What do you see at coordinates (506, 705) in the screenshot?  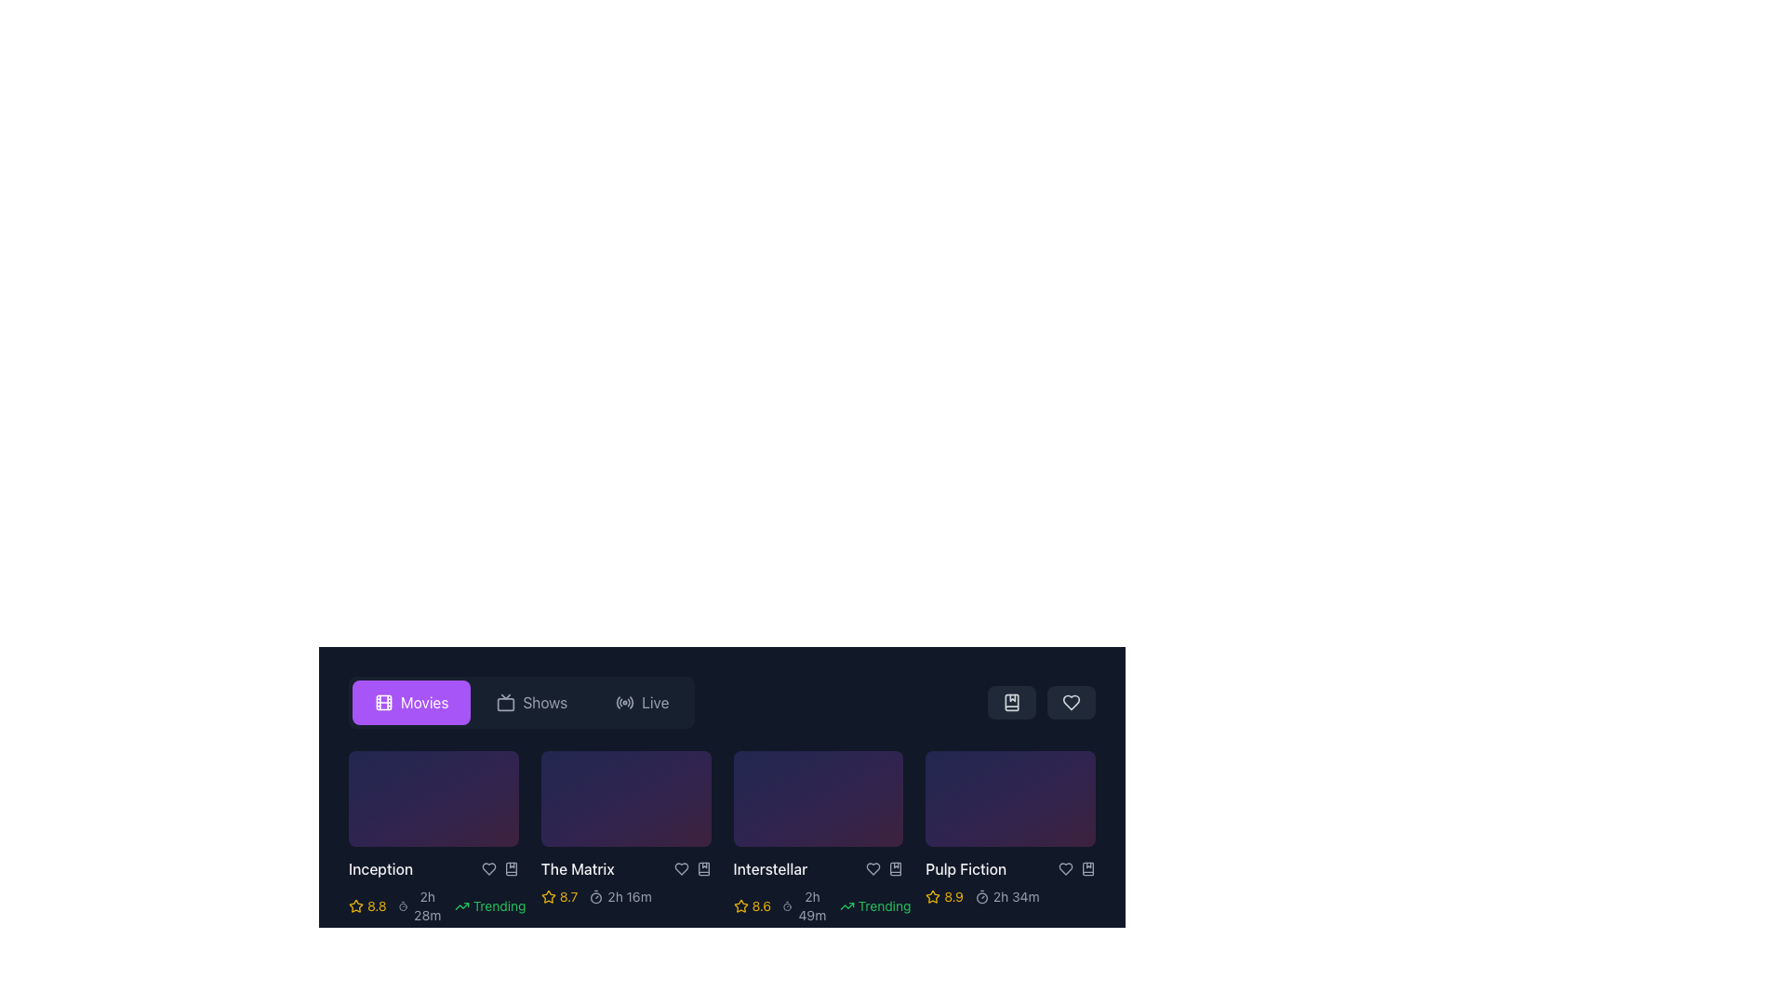 I see `the larger decorative rectangle of the TV or monitor icon located in the control bar at the top of the interface` at bounding box center [506, 705].